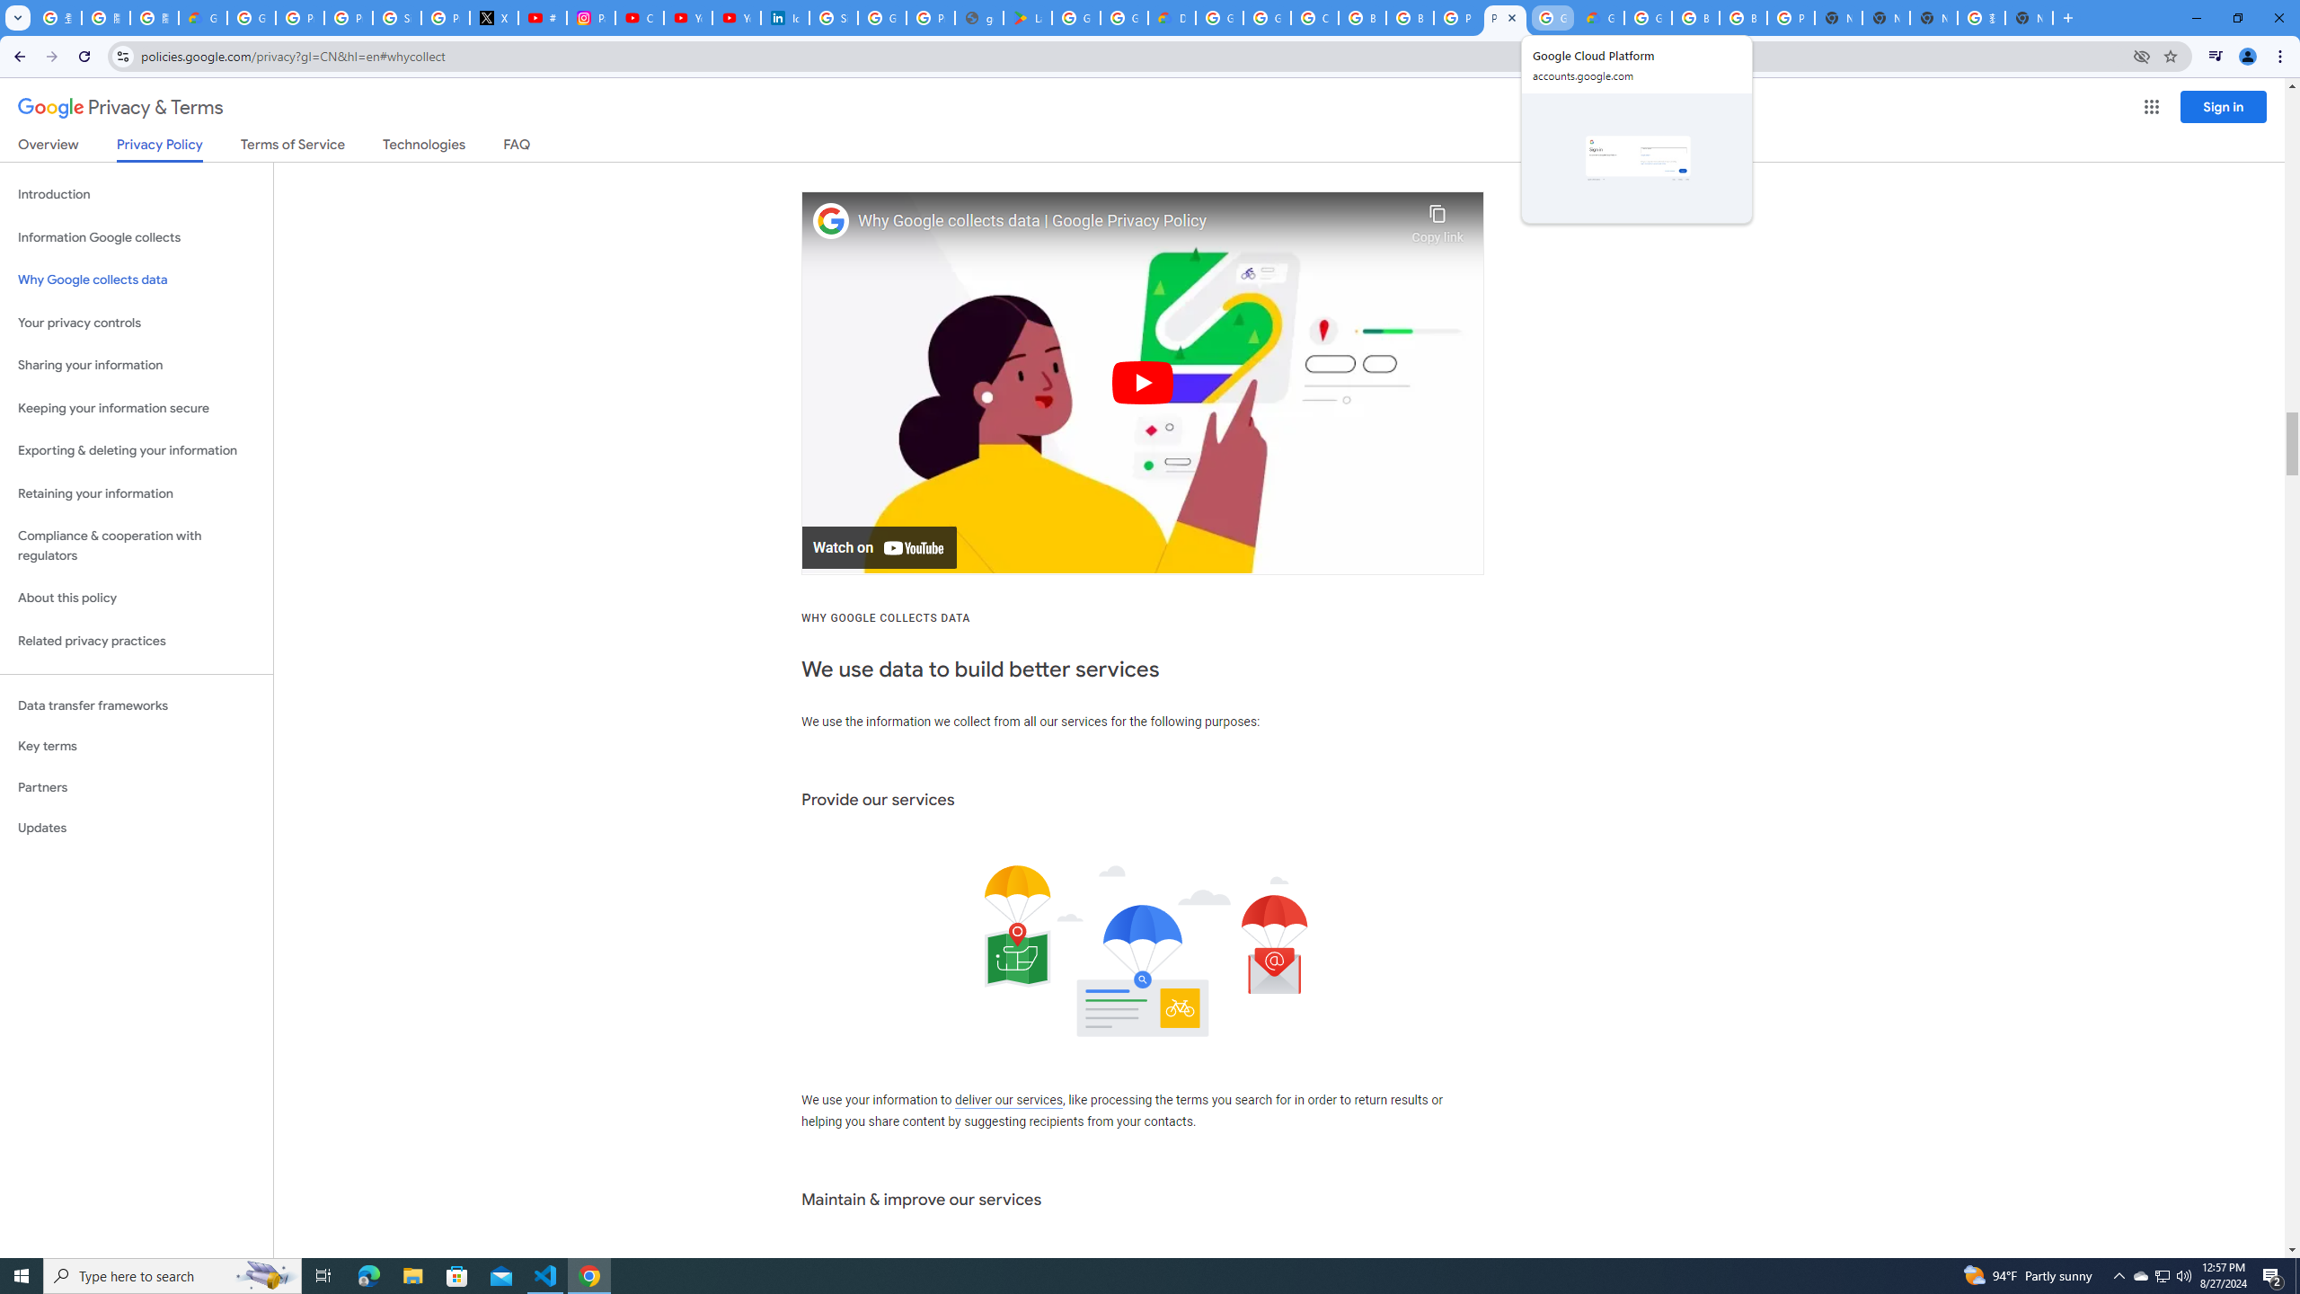  Describe the element at coordinates (120, 107) in the screenshot. I see `'Privacy & Terms'` at that location.